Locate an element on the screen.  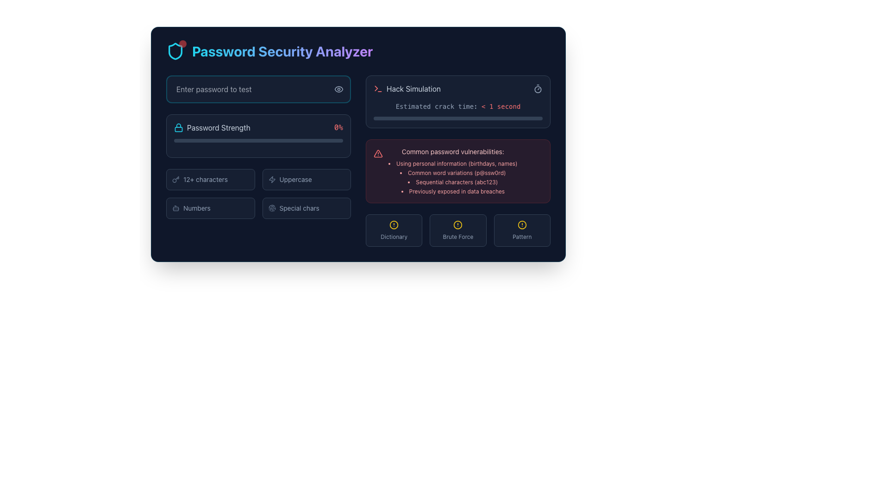
the 'Hack Simulation' section heading, which features a red terminal command prompt icon and light-colored text, located in the upper right quadrant of the interface is located at coordinates (407, 89).